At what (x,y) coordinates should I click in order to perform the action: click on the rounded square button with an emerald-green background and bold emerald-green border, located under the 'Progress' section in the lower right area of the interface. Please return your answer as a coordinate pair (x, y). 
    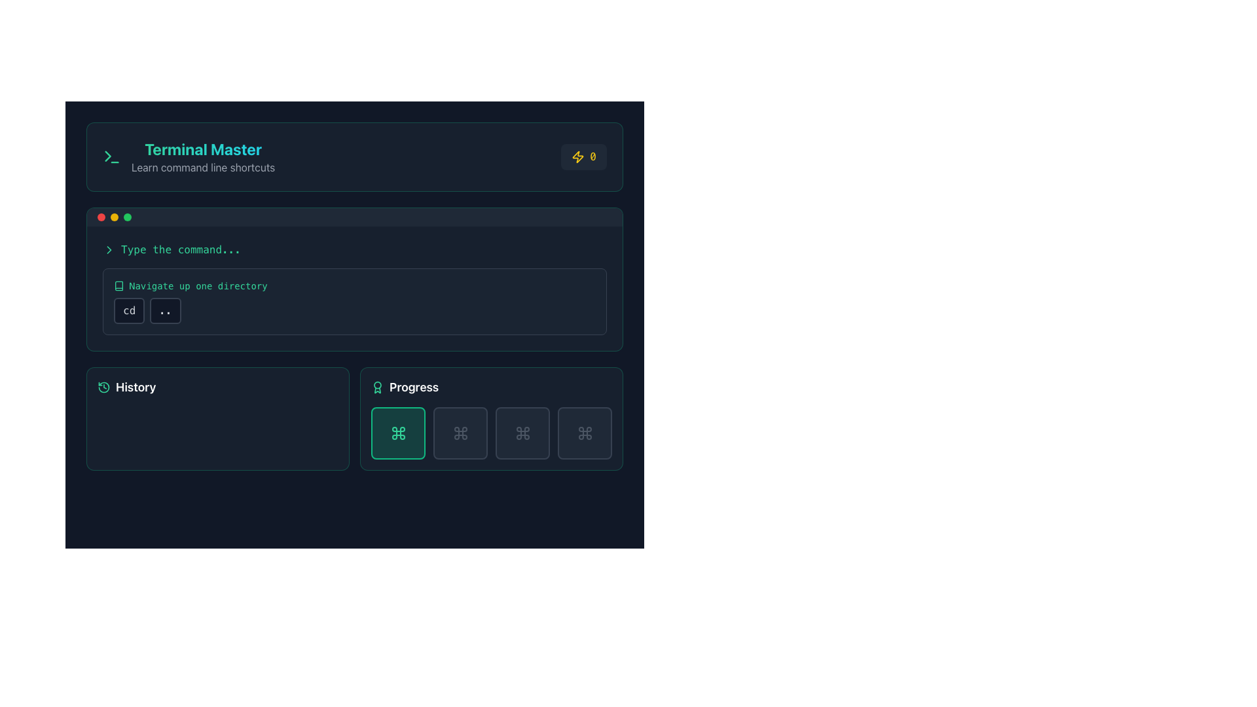
    Looking at the image, I should click on (397, 433).